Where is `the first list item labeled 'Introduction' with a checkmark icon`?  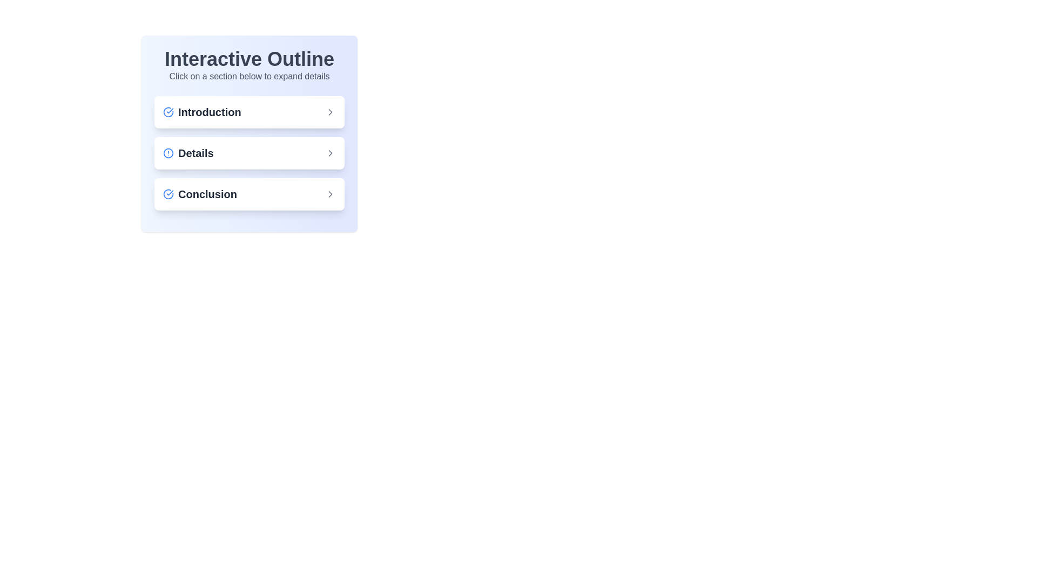 the first list item labeled 'Introduction' with a checkmark icon is located at coordinates (202, 112).